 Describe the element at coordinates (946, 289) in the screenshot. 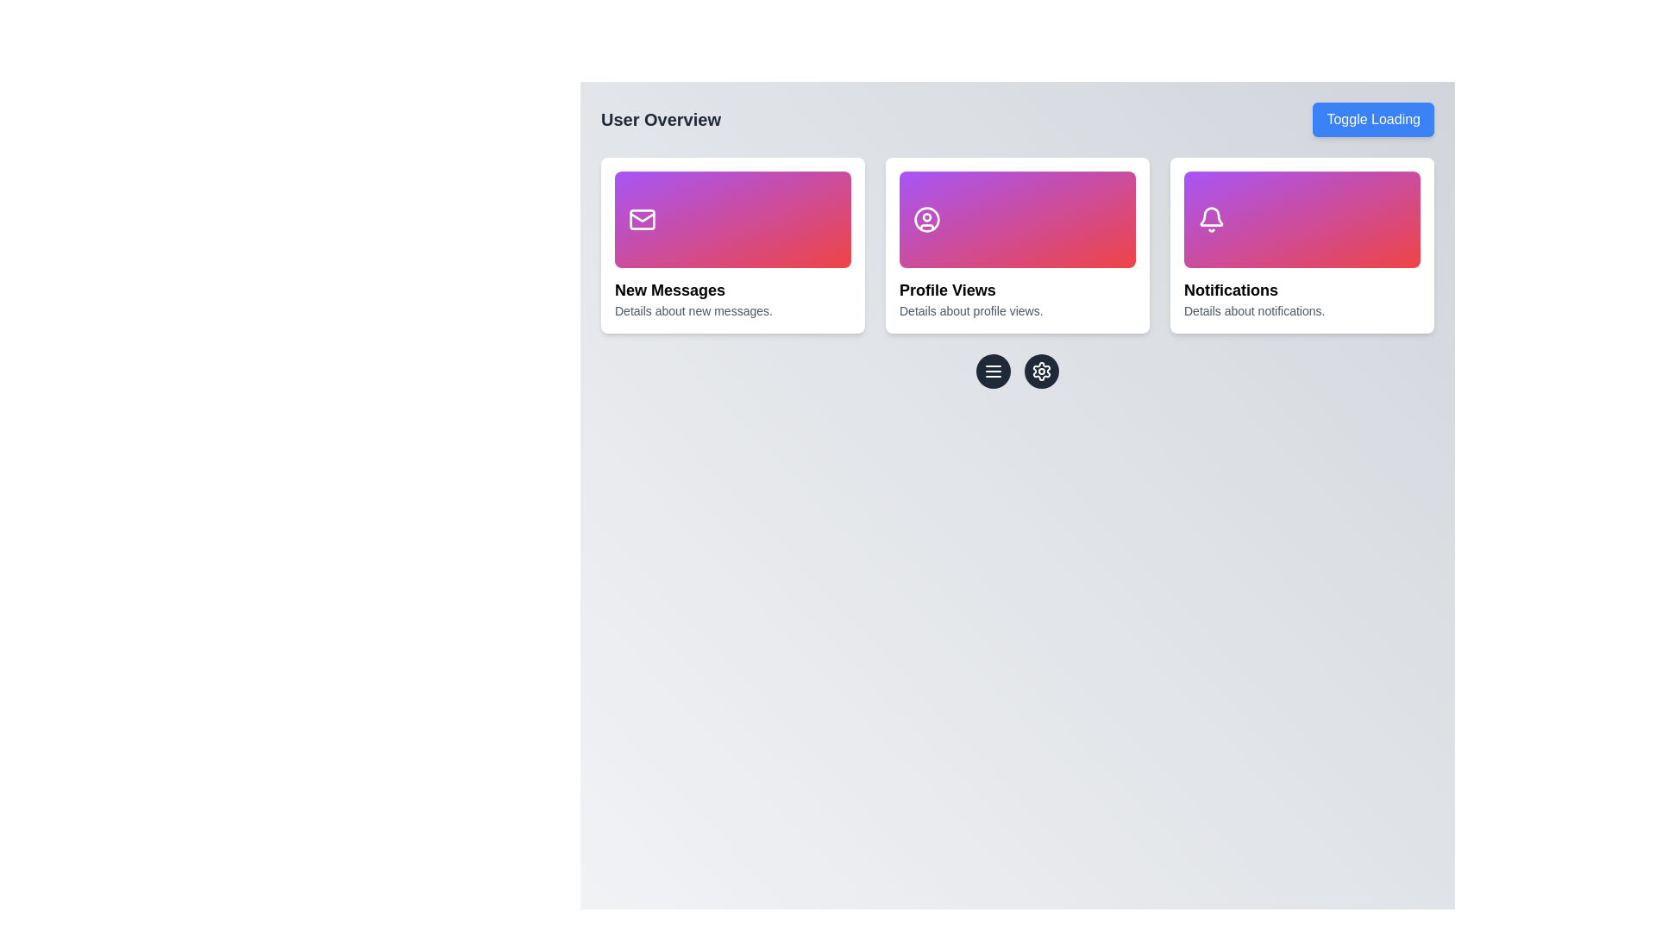

I see `the bold text label displaying 'Profile Views' located below the user's profile icon in the second card from the left` at that location.